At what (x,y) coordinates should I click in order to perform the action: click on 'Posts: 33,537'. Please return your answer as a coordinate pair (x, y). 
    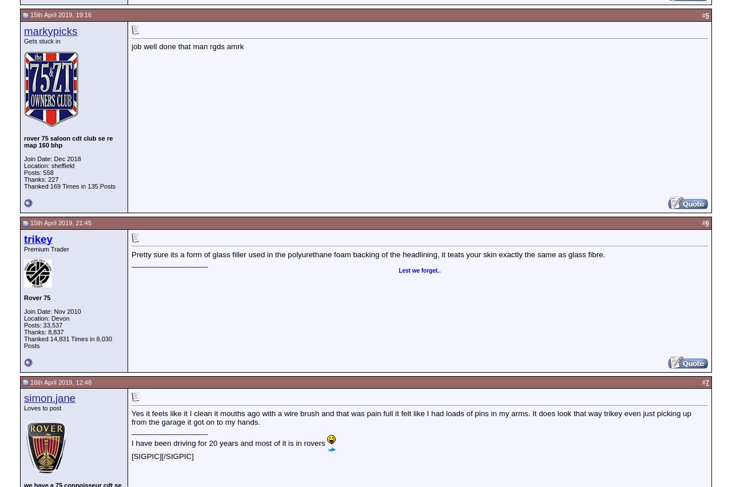
    Looking at the image, I should click on (43, 325).